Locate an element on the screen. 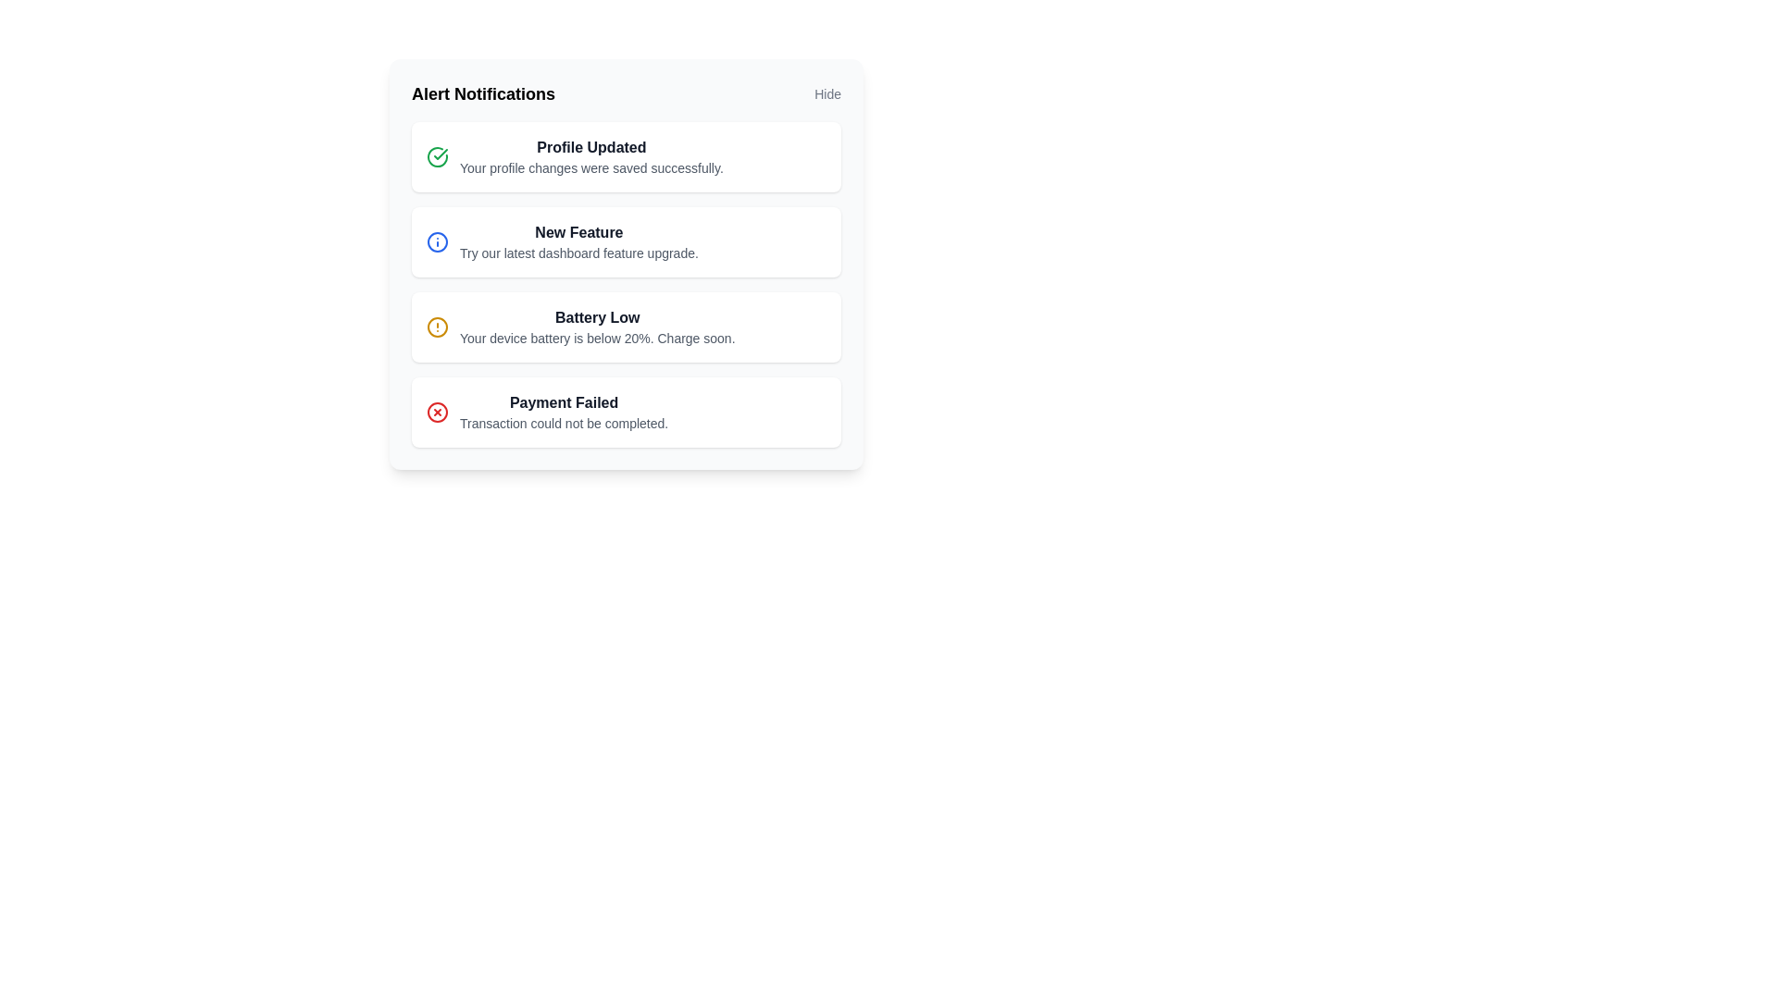 This screenshot has height=999, width=1777. the descriptive text element within the 'Payment Failed' alert box, which provides additional information following the title 'Payment Failed' is located at coordinates (563, 424).